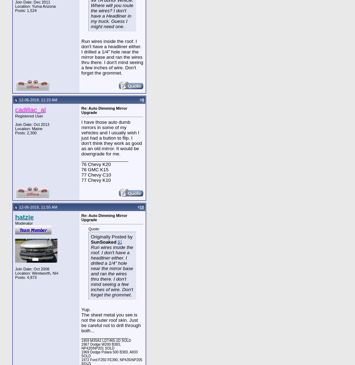 The height and width of the screenshot is (365, 355). What do you see at coordinates (104, 241) in the screenshot?
I see `'SunSoaked'` at bounding box center [104, 241].